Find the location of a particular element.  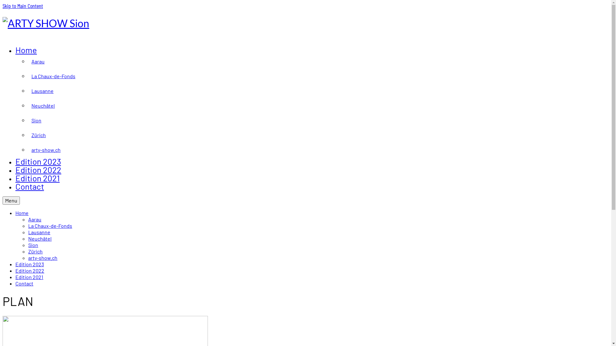

'Home' is located at coordinates (22, 213).